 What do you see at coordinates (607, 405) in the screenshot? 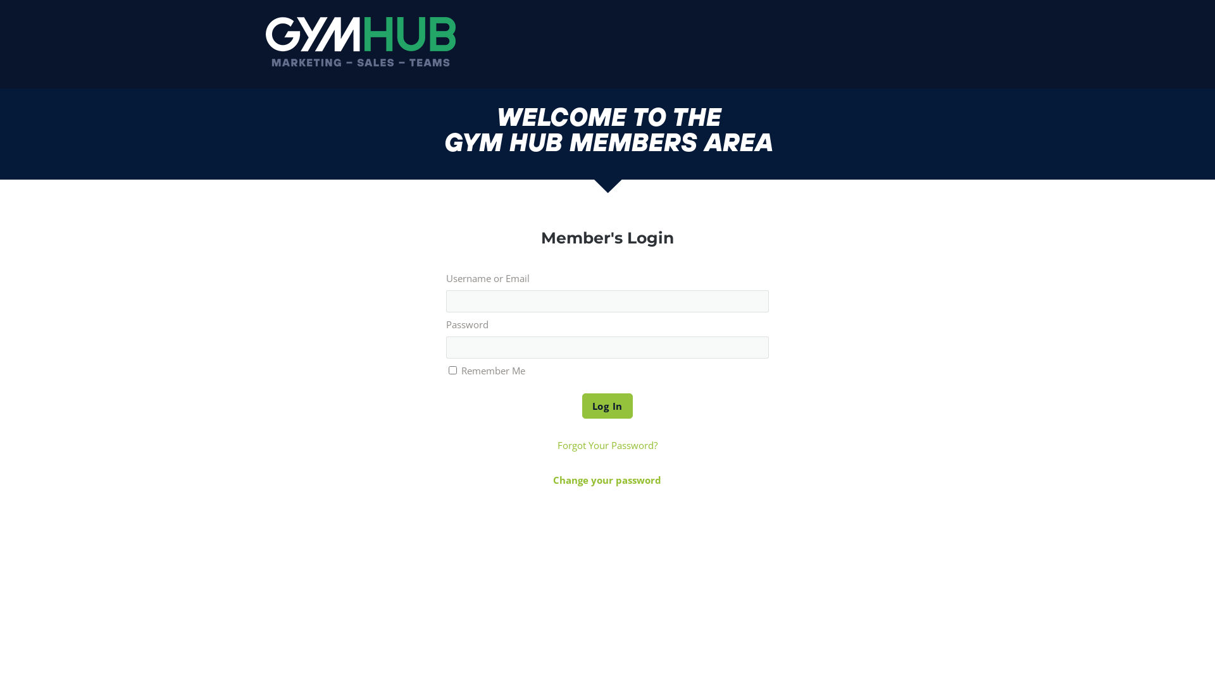
I see `'Log In'` at bounding box center [607, 405].